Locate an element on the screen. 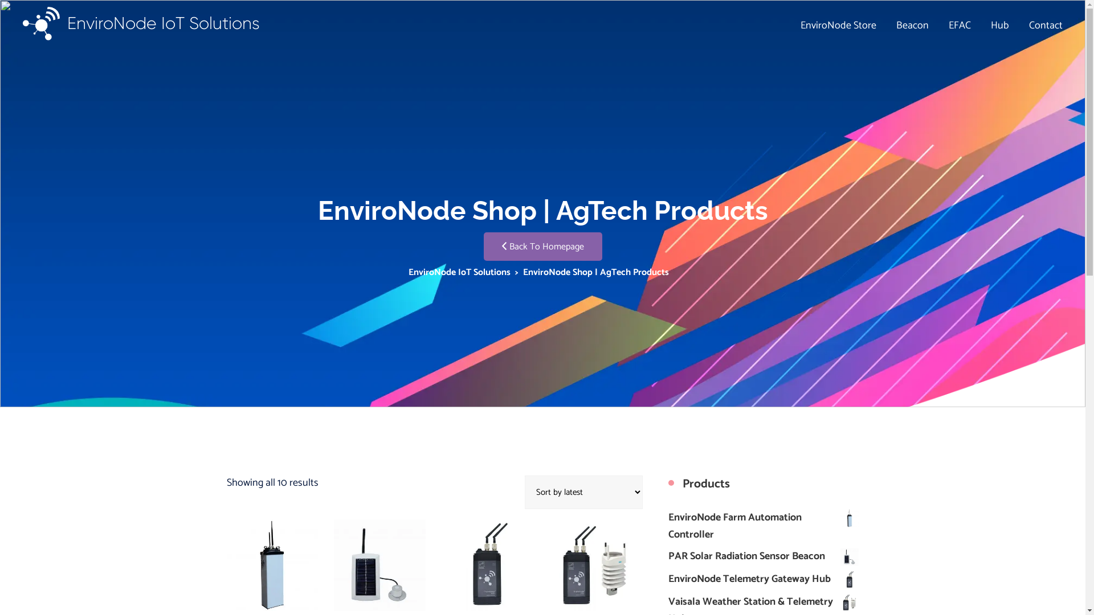 The height and width of the screenshot is (615, 1094). 'EnviroNode Store' is located at coordinates (838, 26).